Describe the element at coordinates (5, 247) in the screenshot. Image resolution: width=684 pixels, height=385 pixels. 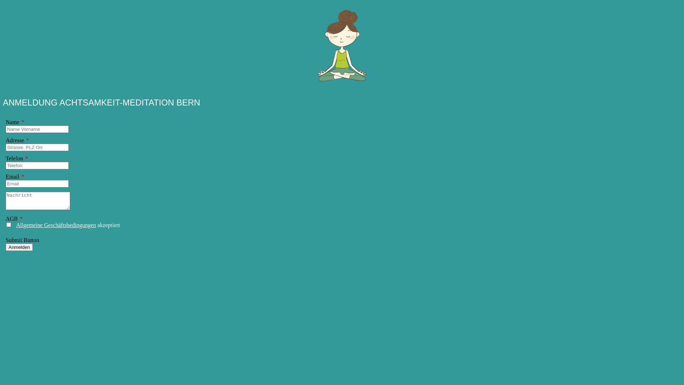
I see `'Anmelden'` at that location.